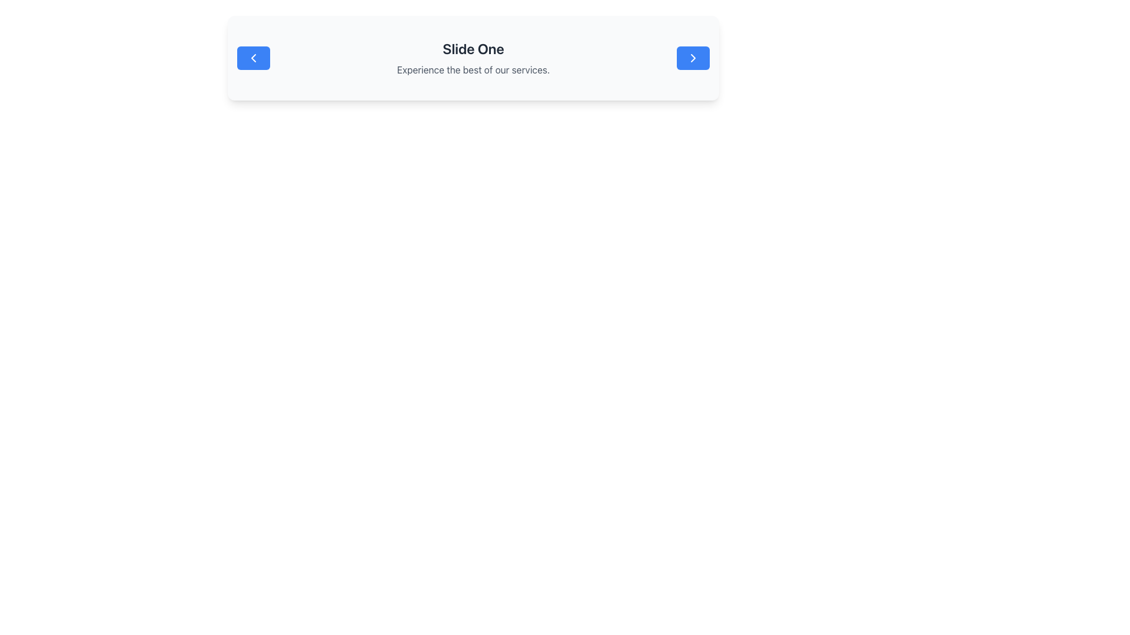  I want to click on the text element displaying 'Experience the best of our services.' which is styled in gray font and located beneath the heading 'Slide One', so click(473, 70).